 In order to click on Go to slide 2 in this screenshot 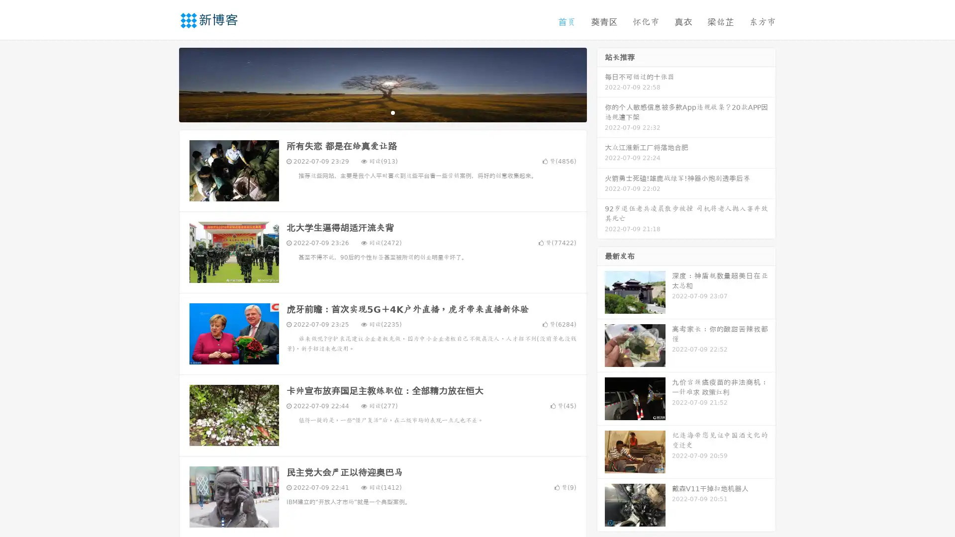, I will do `click(382, 112)`.